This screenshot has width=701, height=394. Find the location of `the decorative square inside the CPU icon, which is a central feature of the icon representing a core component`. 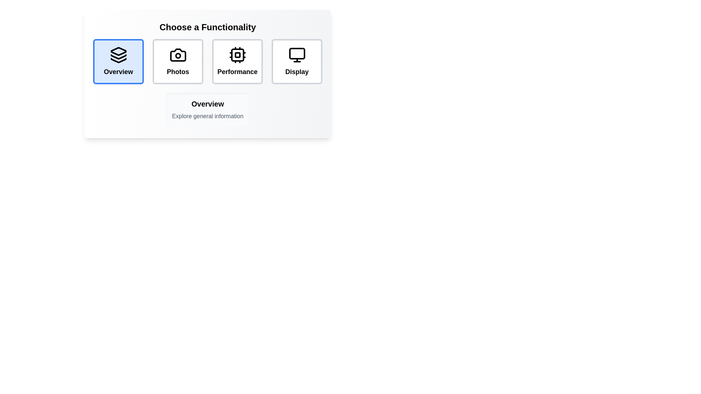

the decorative square inside the CPU icon, which is a central feature of the icon representing a core component is located at coordinates (237, 54).